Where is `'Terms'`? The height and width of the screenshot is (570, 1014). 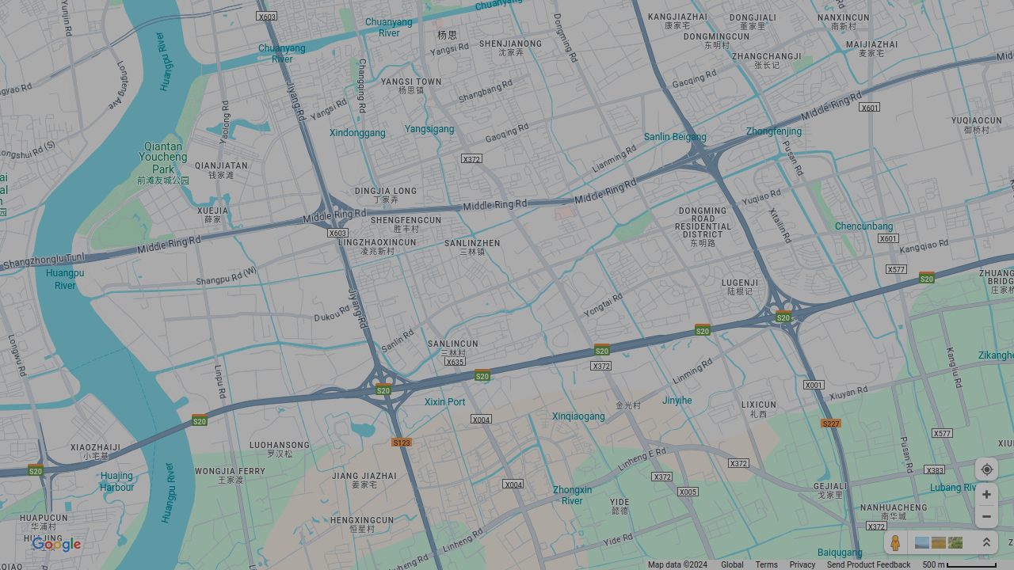
'Terms' is located at coordinates (766, 564).